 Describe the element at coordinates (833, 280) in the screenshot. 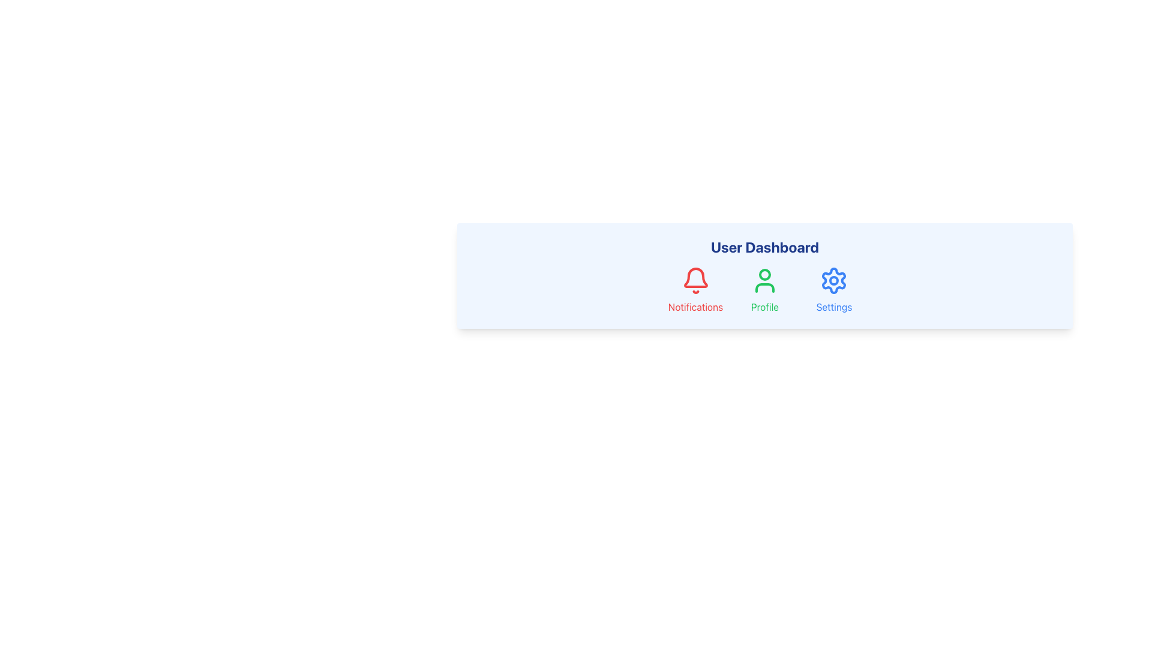

I see `the graphical circle element within the settings icon located in the bottom navigation bar of the user dashboard` at that location.